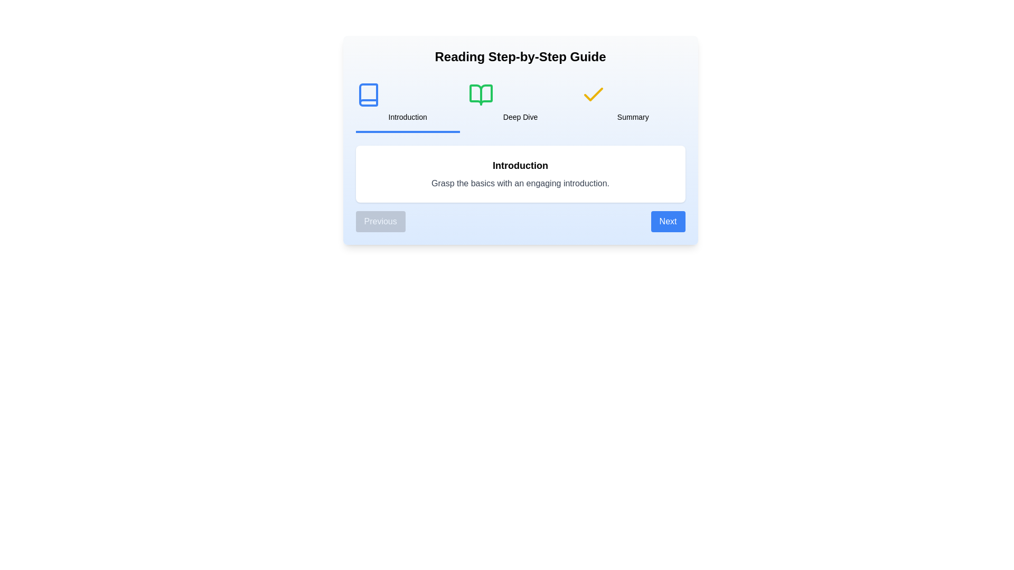 The width and height of the screenshot is (1014, 570). I want to click on the icon representing the step Deep Dive, so click(480, 95).